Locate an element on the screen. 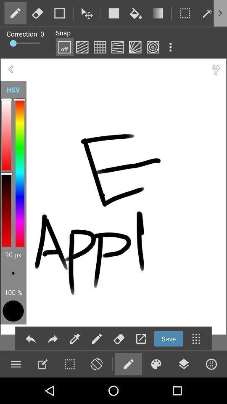 This screenshot has height=404, width=227. fill colors is located at coordinates (75, 339).